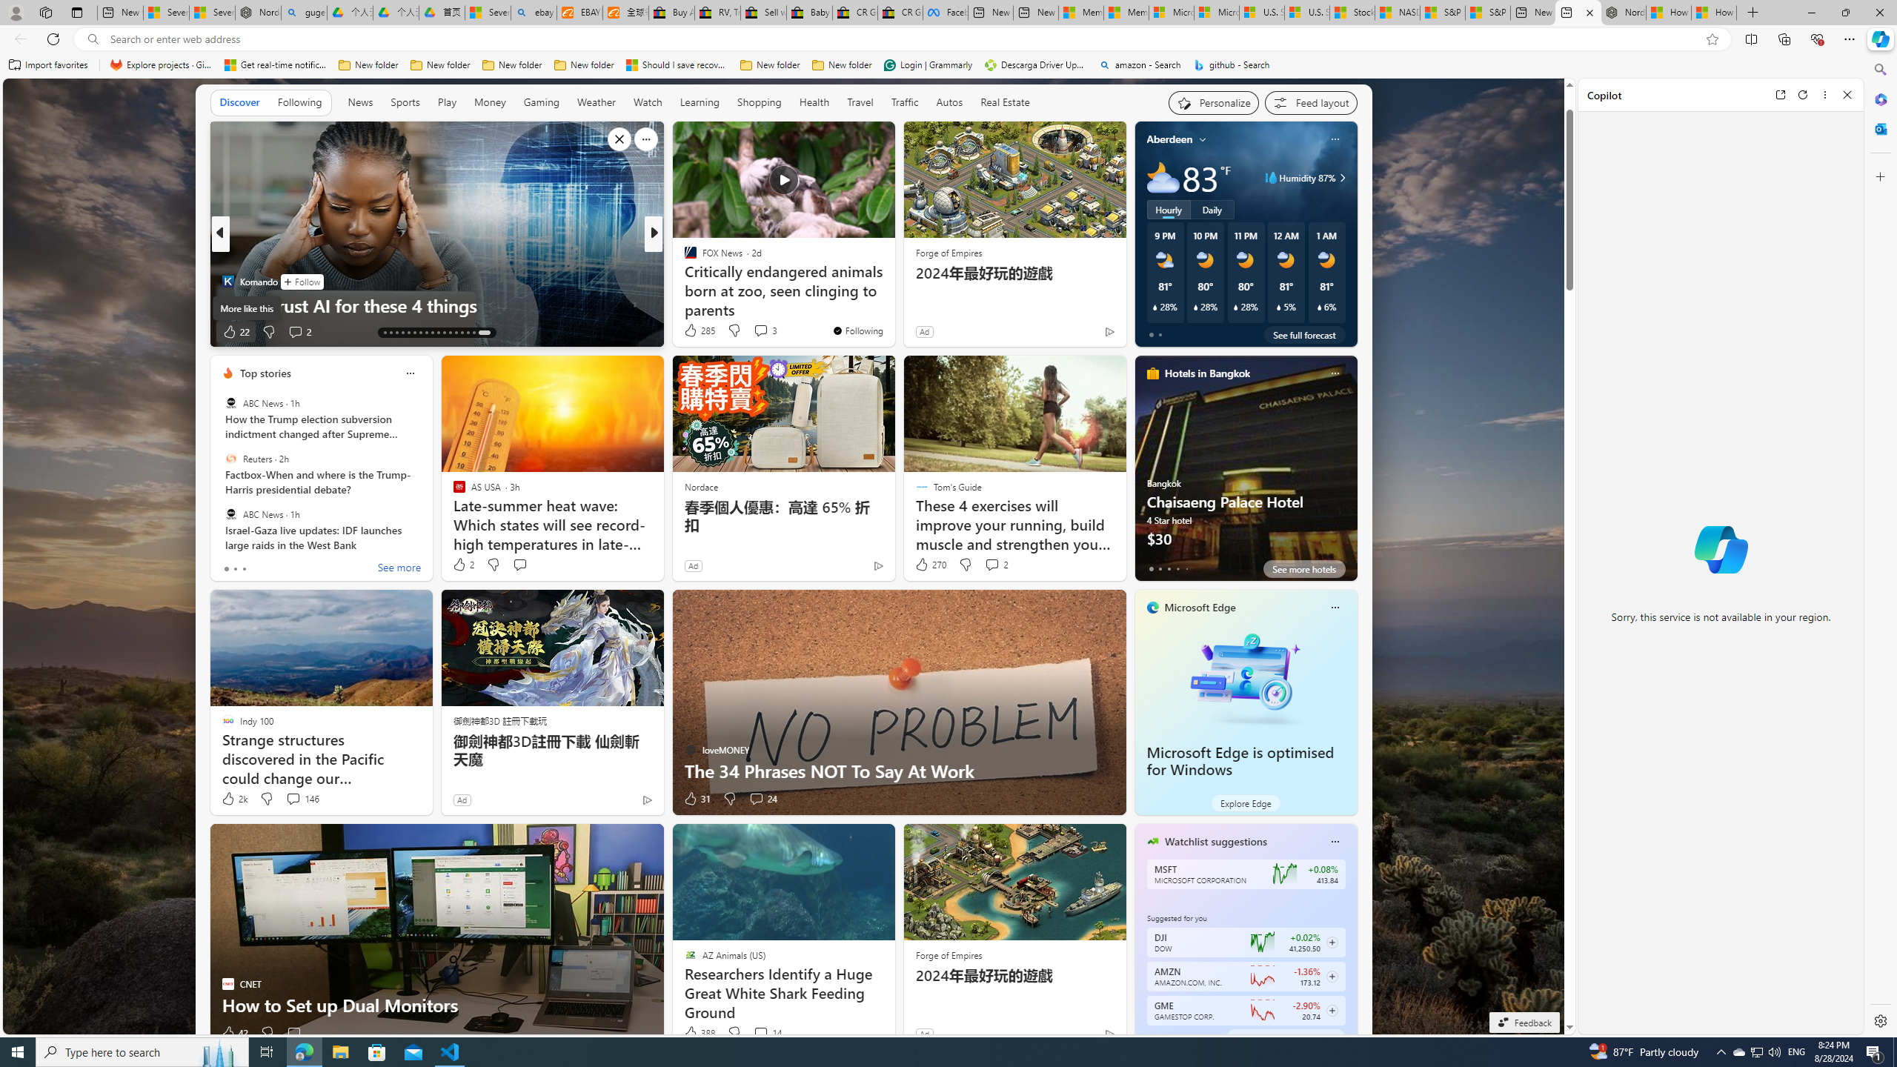  I want to click on 'amazon - Search', so click(1139, 64).